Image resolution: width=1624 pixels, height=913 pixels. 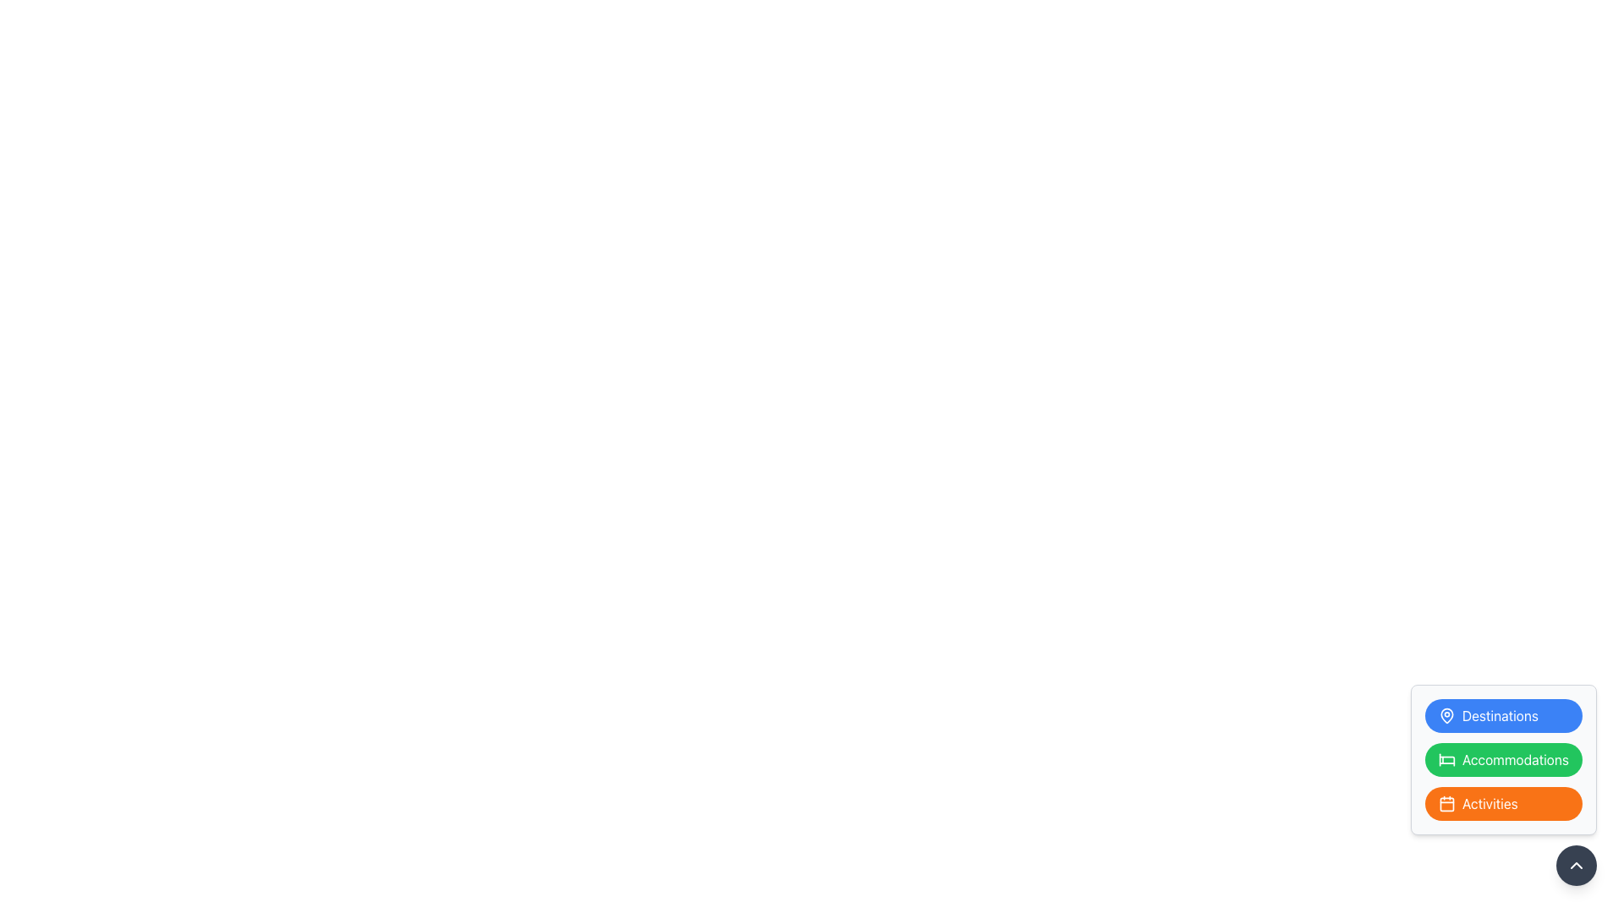 I want to click on the chevron icon located in the bottom-right corner of the circular button to trigger the tooltip or animation, so click(x=1575, y=865).